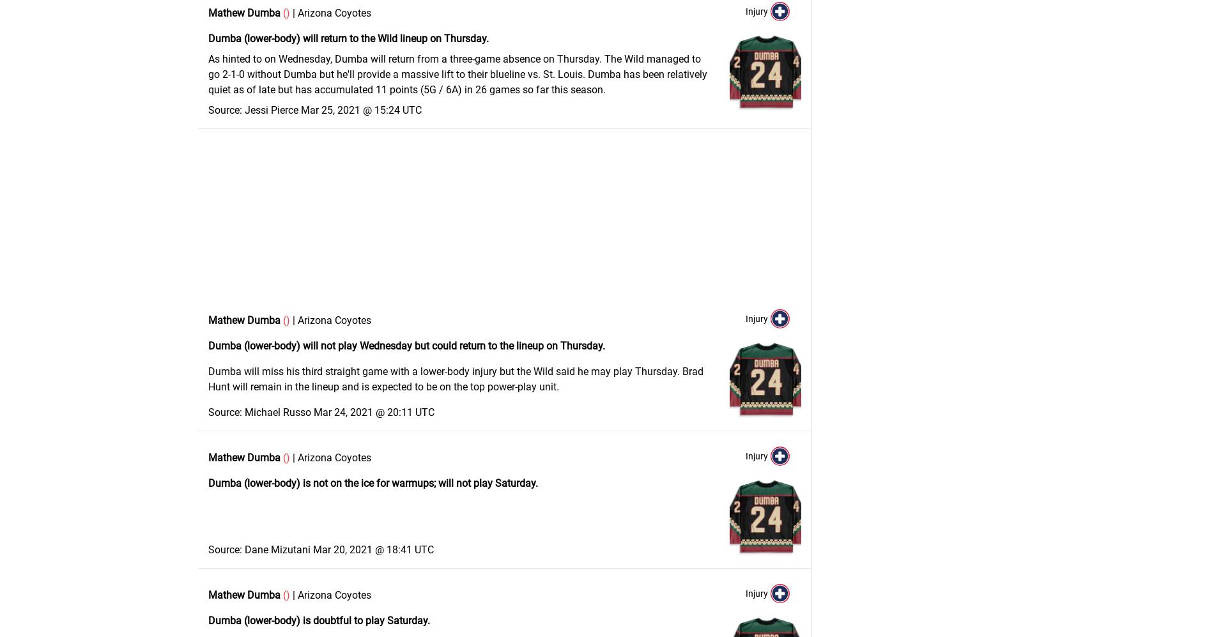  What do you see at coordinates (373, 483) in the screenshot?
I see `'Dumba (lower-body) is not on the ice for warmups; will not play Saturday.'` at bounding box center [373, 483].